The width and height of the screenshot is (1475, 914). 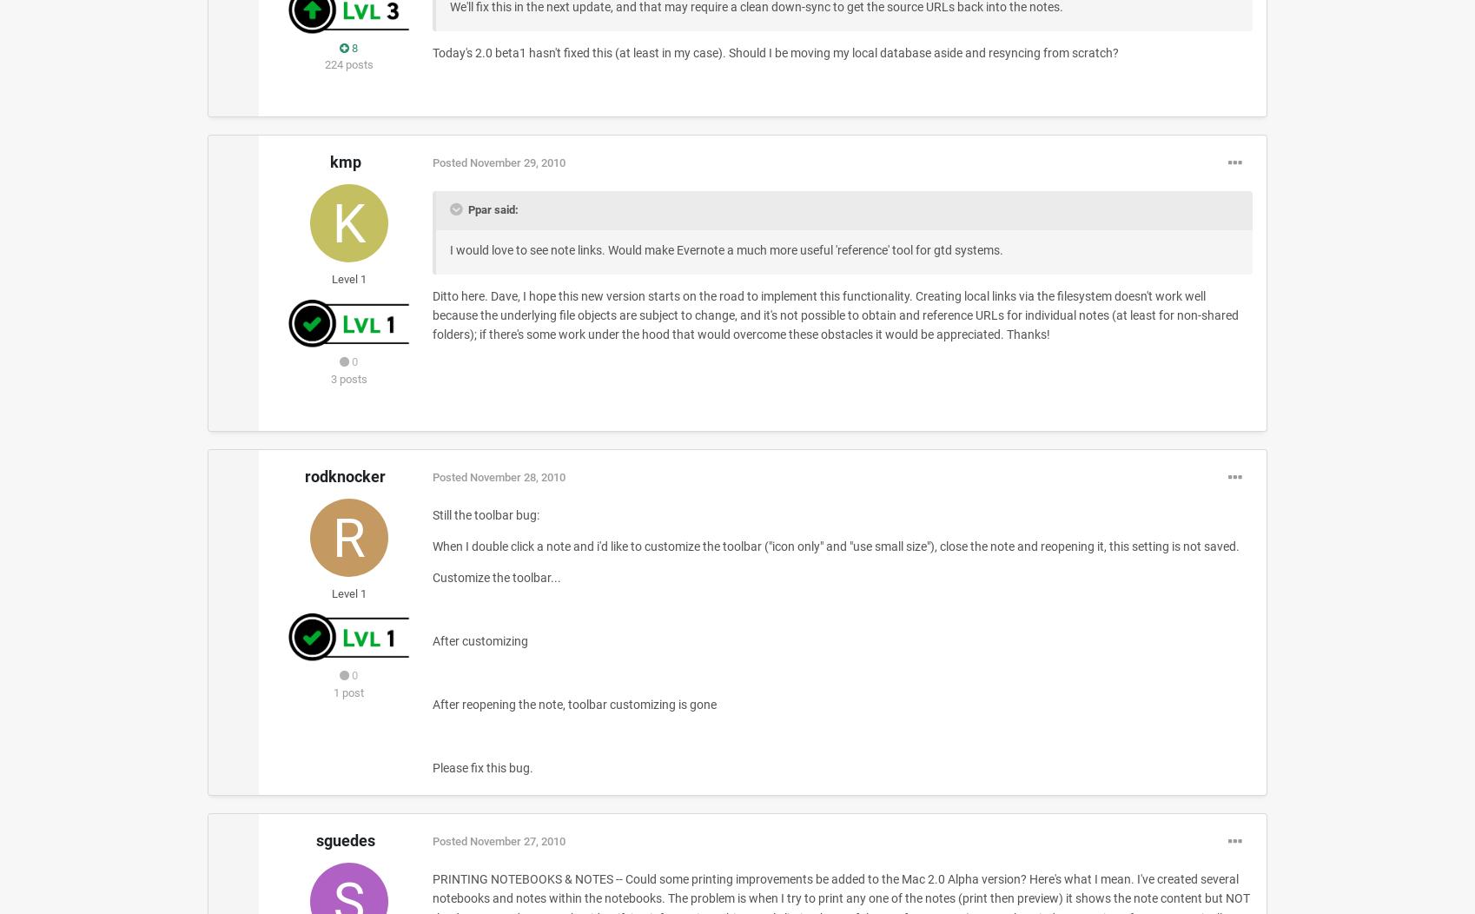 I want to click on '1 post', so click(x=333, y=692).